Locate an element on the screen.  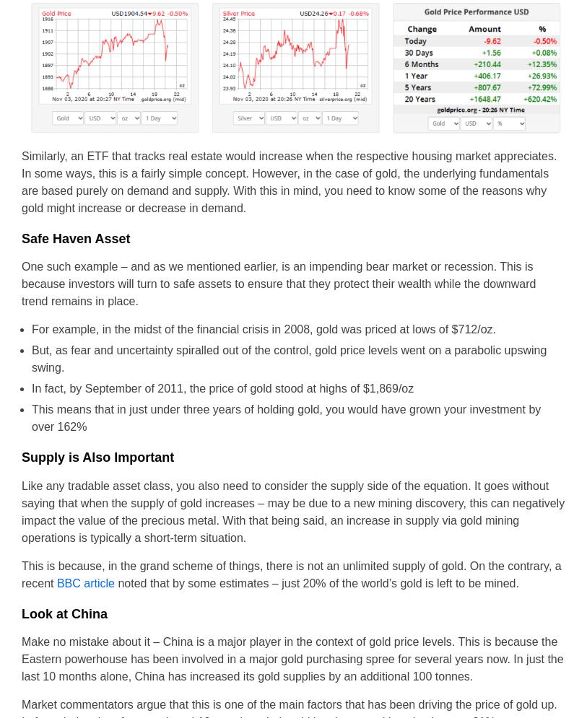
'But, as fear and uncertainty spiralled out of the control, gold price levels went on a parabolic upswing swing.' is located at coordinates (288, 359).